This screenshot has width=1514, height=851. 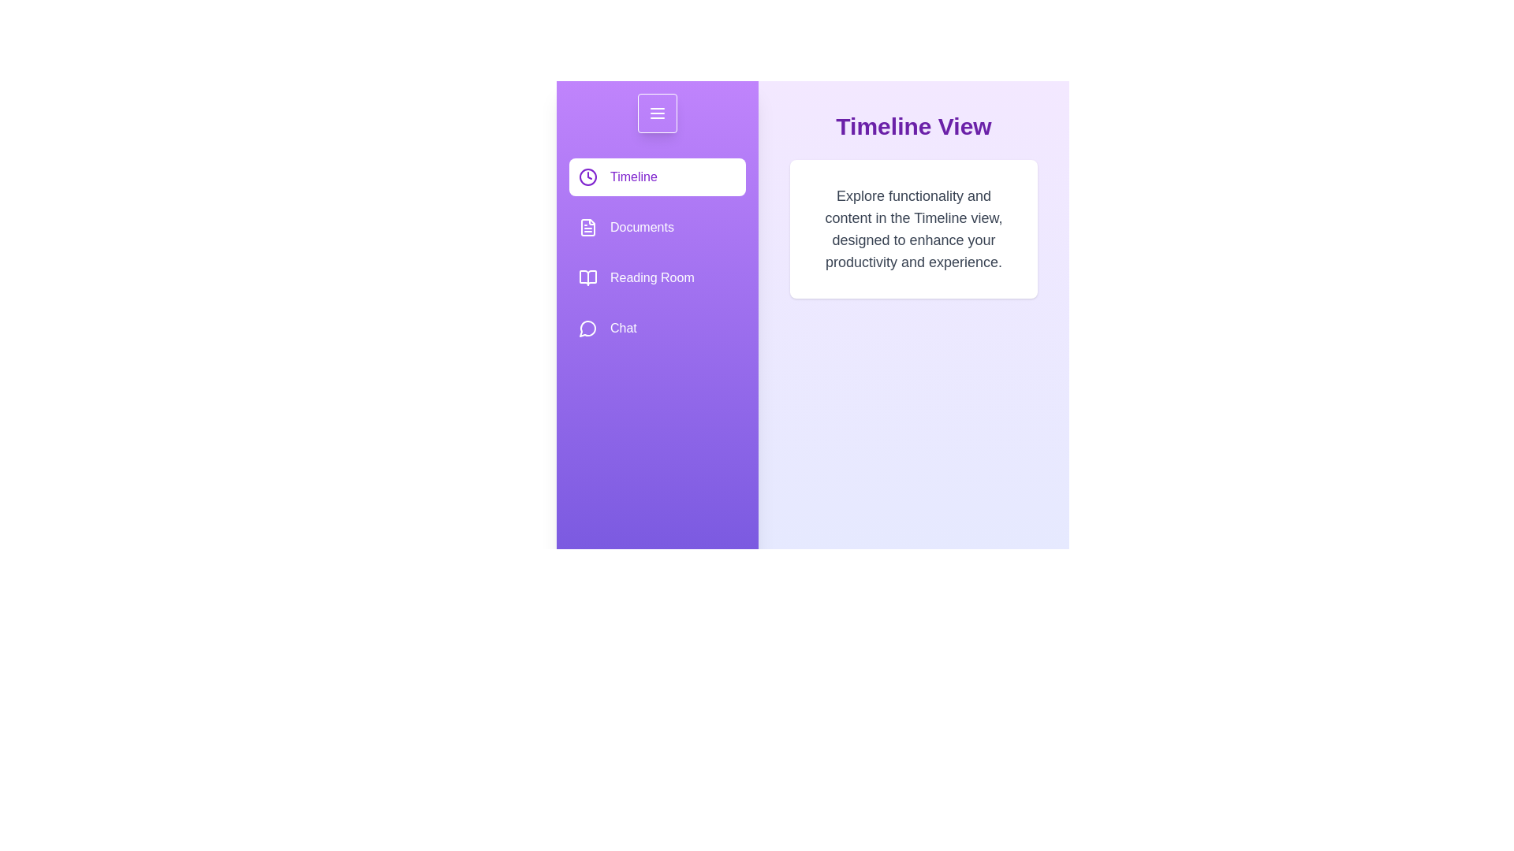 I want to click on menu button to toggle the drawer state, so click(x=658, y=112).